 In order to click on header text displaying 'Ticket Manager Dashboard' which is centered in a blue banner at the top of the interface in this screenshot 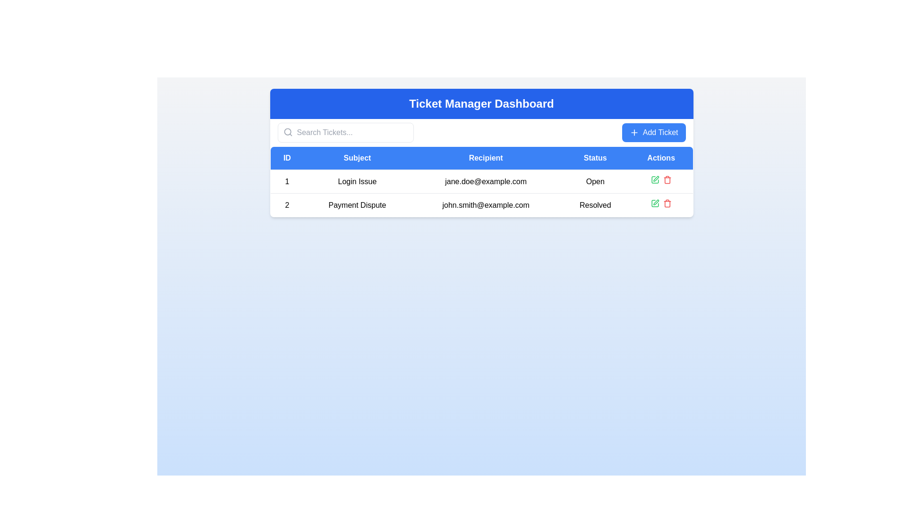, I will do `click(481, 103)`.